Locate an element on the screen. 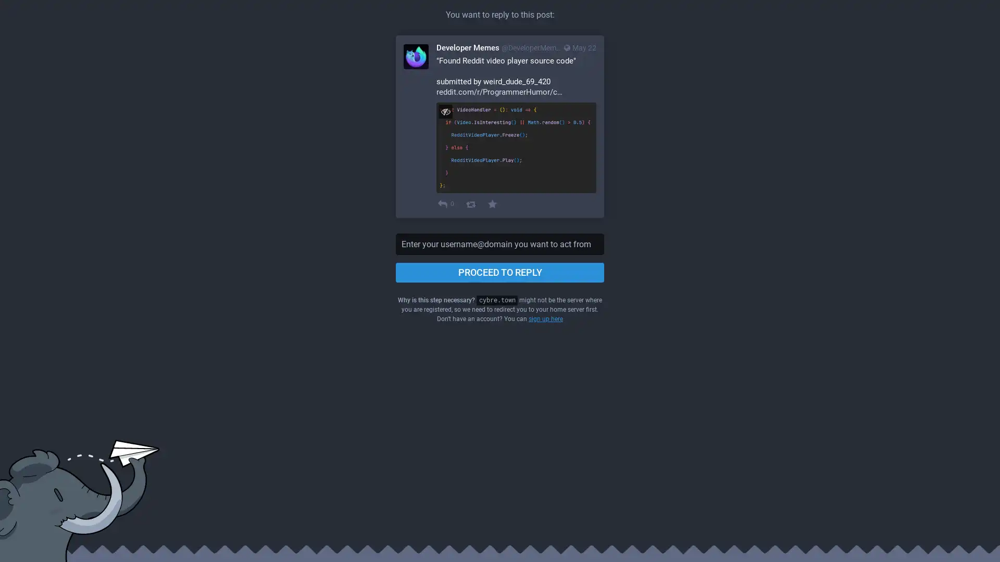 The width and height of the screenshot is (1000, 562). Hide image is located at coordinates (445, 111).